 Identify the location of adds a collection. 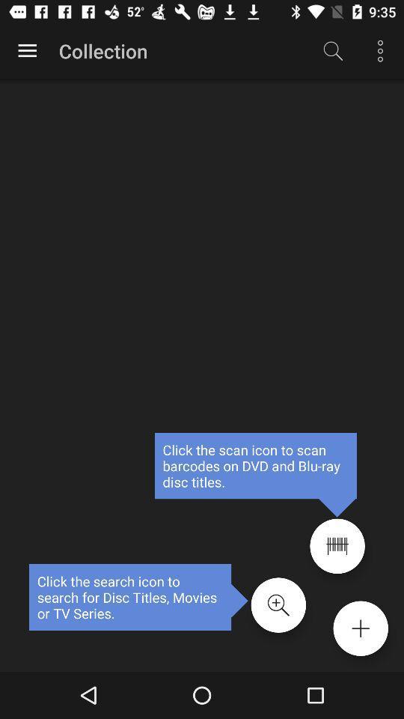
(360, 628).